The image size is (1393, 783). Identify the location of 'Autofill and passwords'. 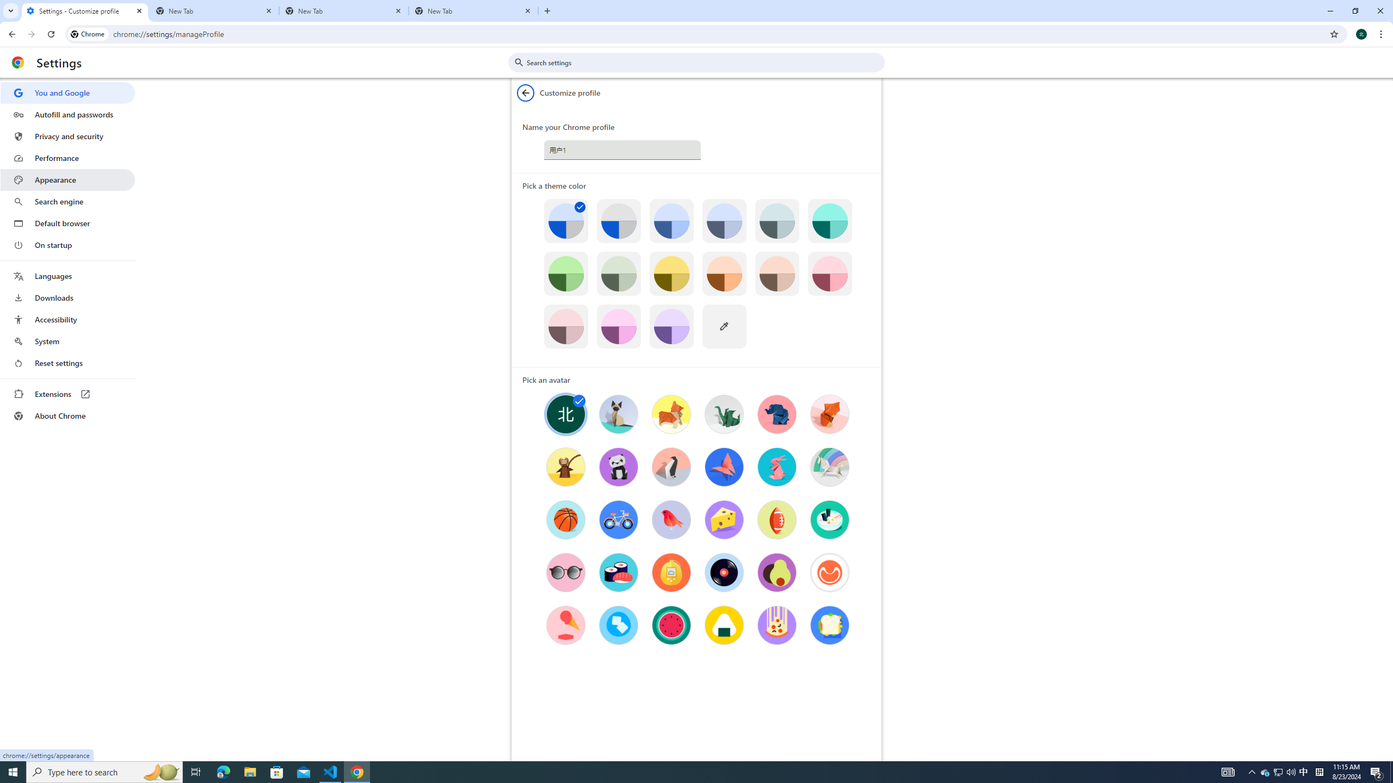
(67, 114).